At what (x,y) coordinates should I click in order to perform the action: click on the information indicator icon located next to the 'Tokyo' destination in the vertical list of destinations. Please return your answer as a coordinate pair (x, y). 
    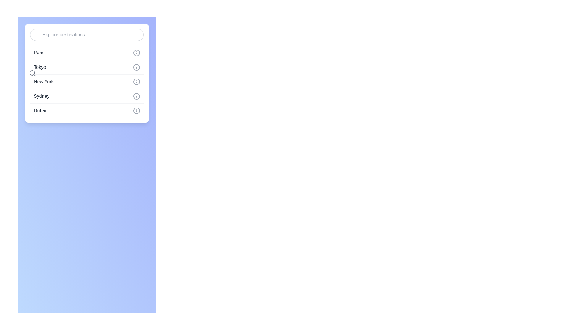
    Looking at the image, I should click on (136, 67).